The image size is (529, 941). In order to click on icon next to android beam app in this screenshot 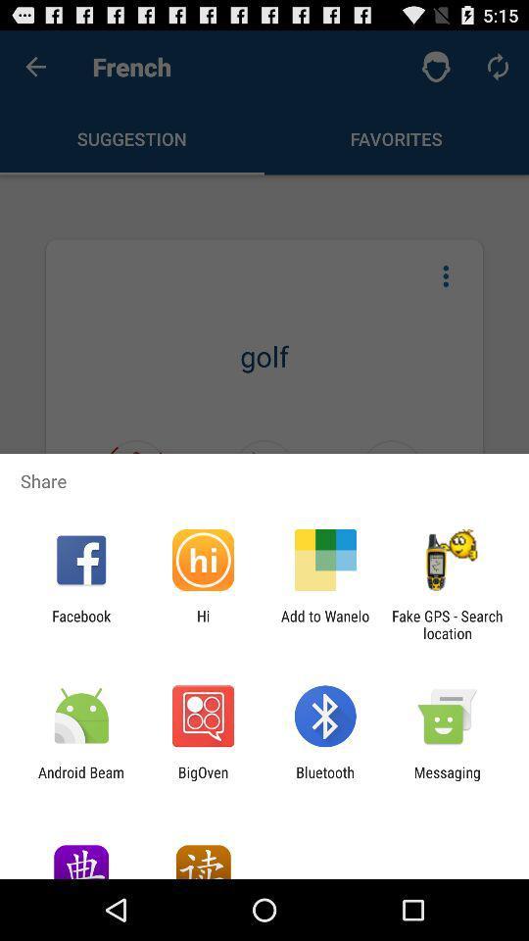, I will do `click(202, 780)`.